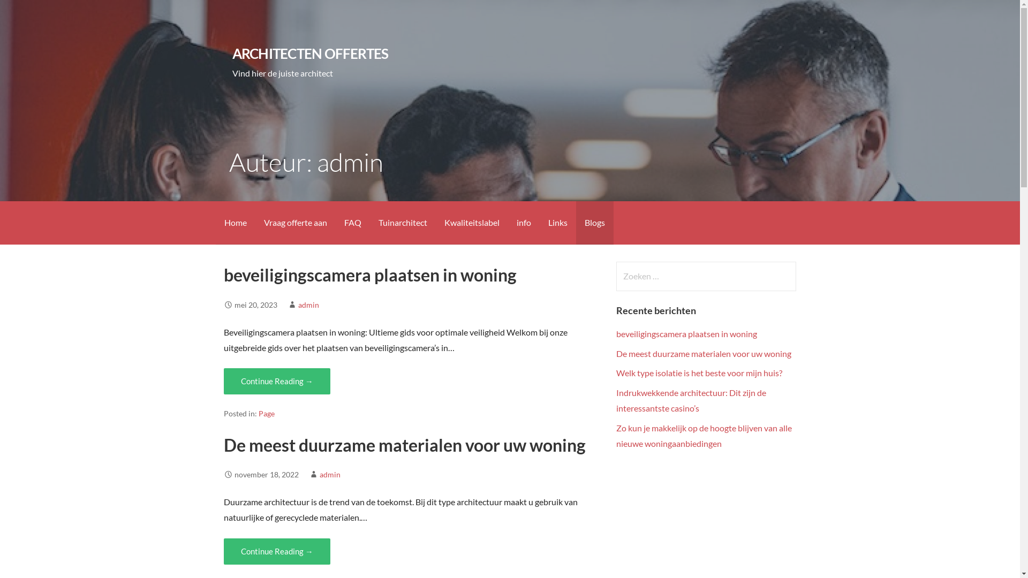 The image size is (1028, 578). Describe the element at coordinates (523, 222) in the screenshot. I see `'info'` at that location.